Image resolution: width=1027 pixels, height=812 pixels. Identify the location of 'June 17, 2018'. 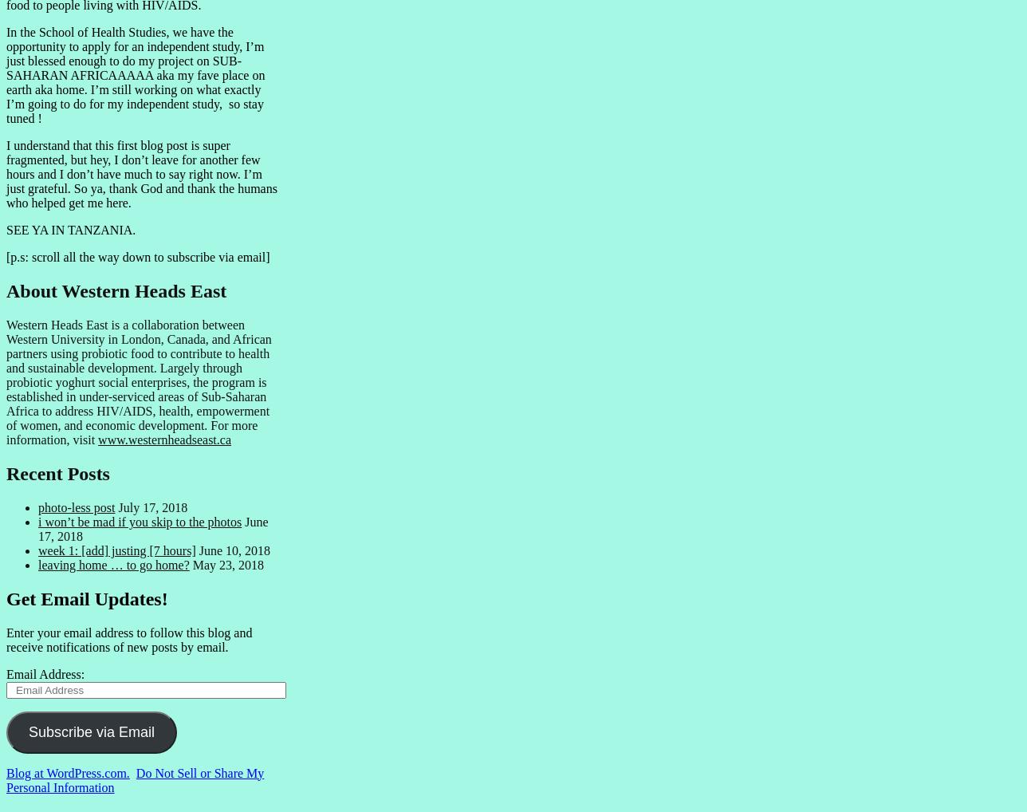
(153, 527).